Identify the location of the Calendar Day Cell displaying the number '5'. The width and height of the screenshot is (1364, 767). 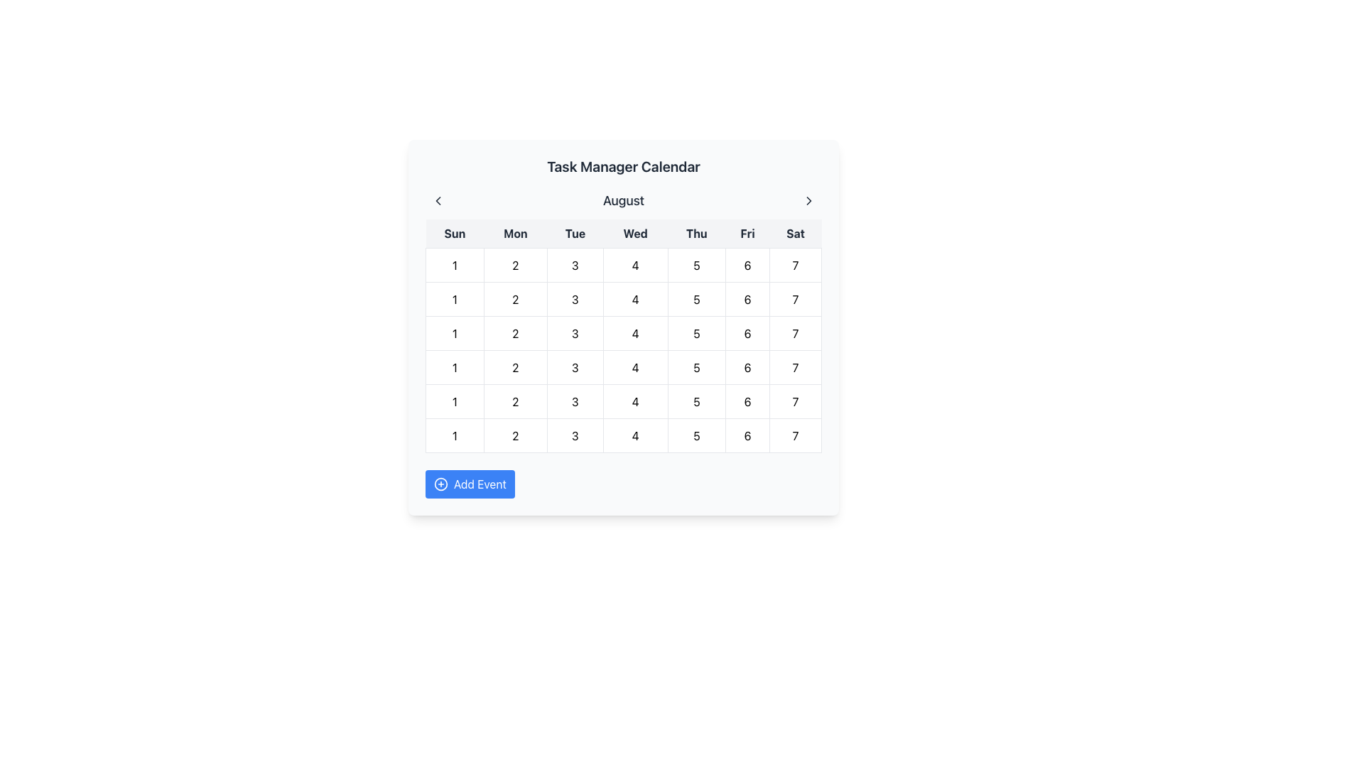
(696, 401).